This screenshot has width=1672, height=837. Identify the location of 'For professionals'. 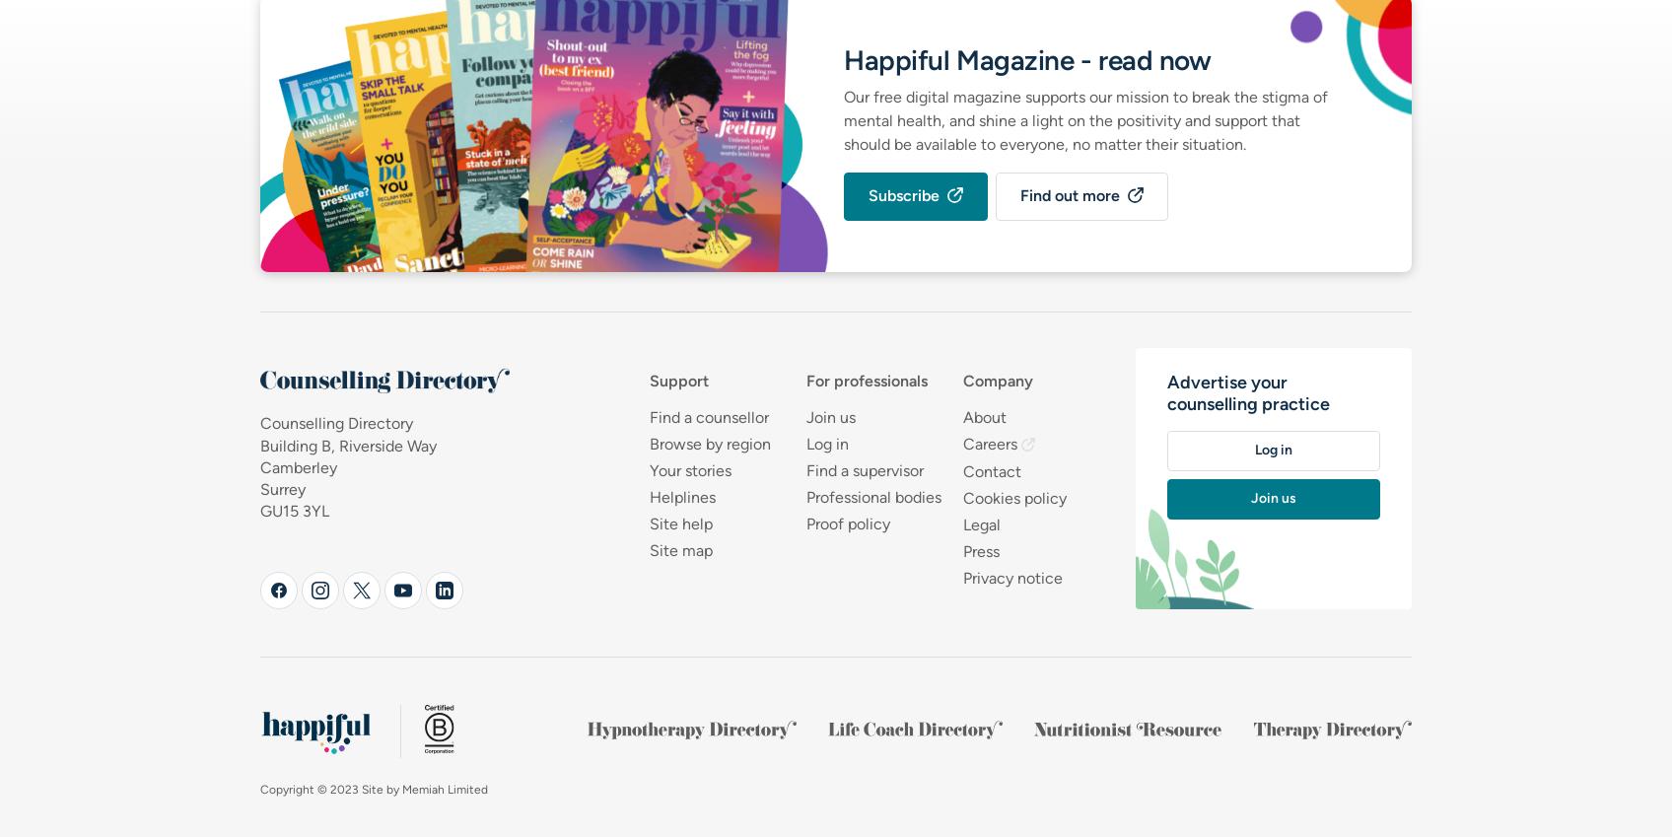
(866, 380).